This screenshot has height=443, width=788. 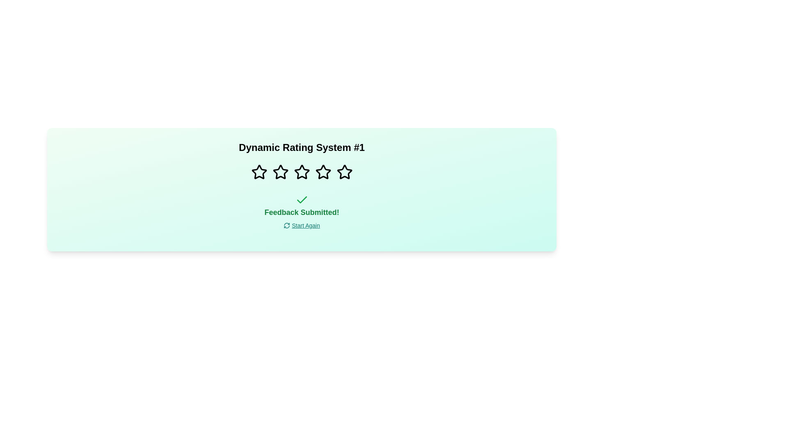 I want to click on the third star, so click(x=323, y=171).